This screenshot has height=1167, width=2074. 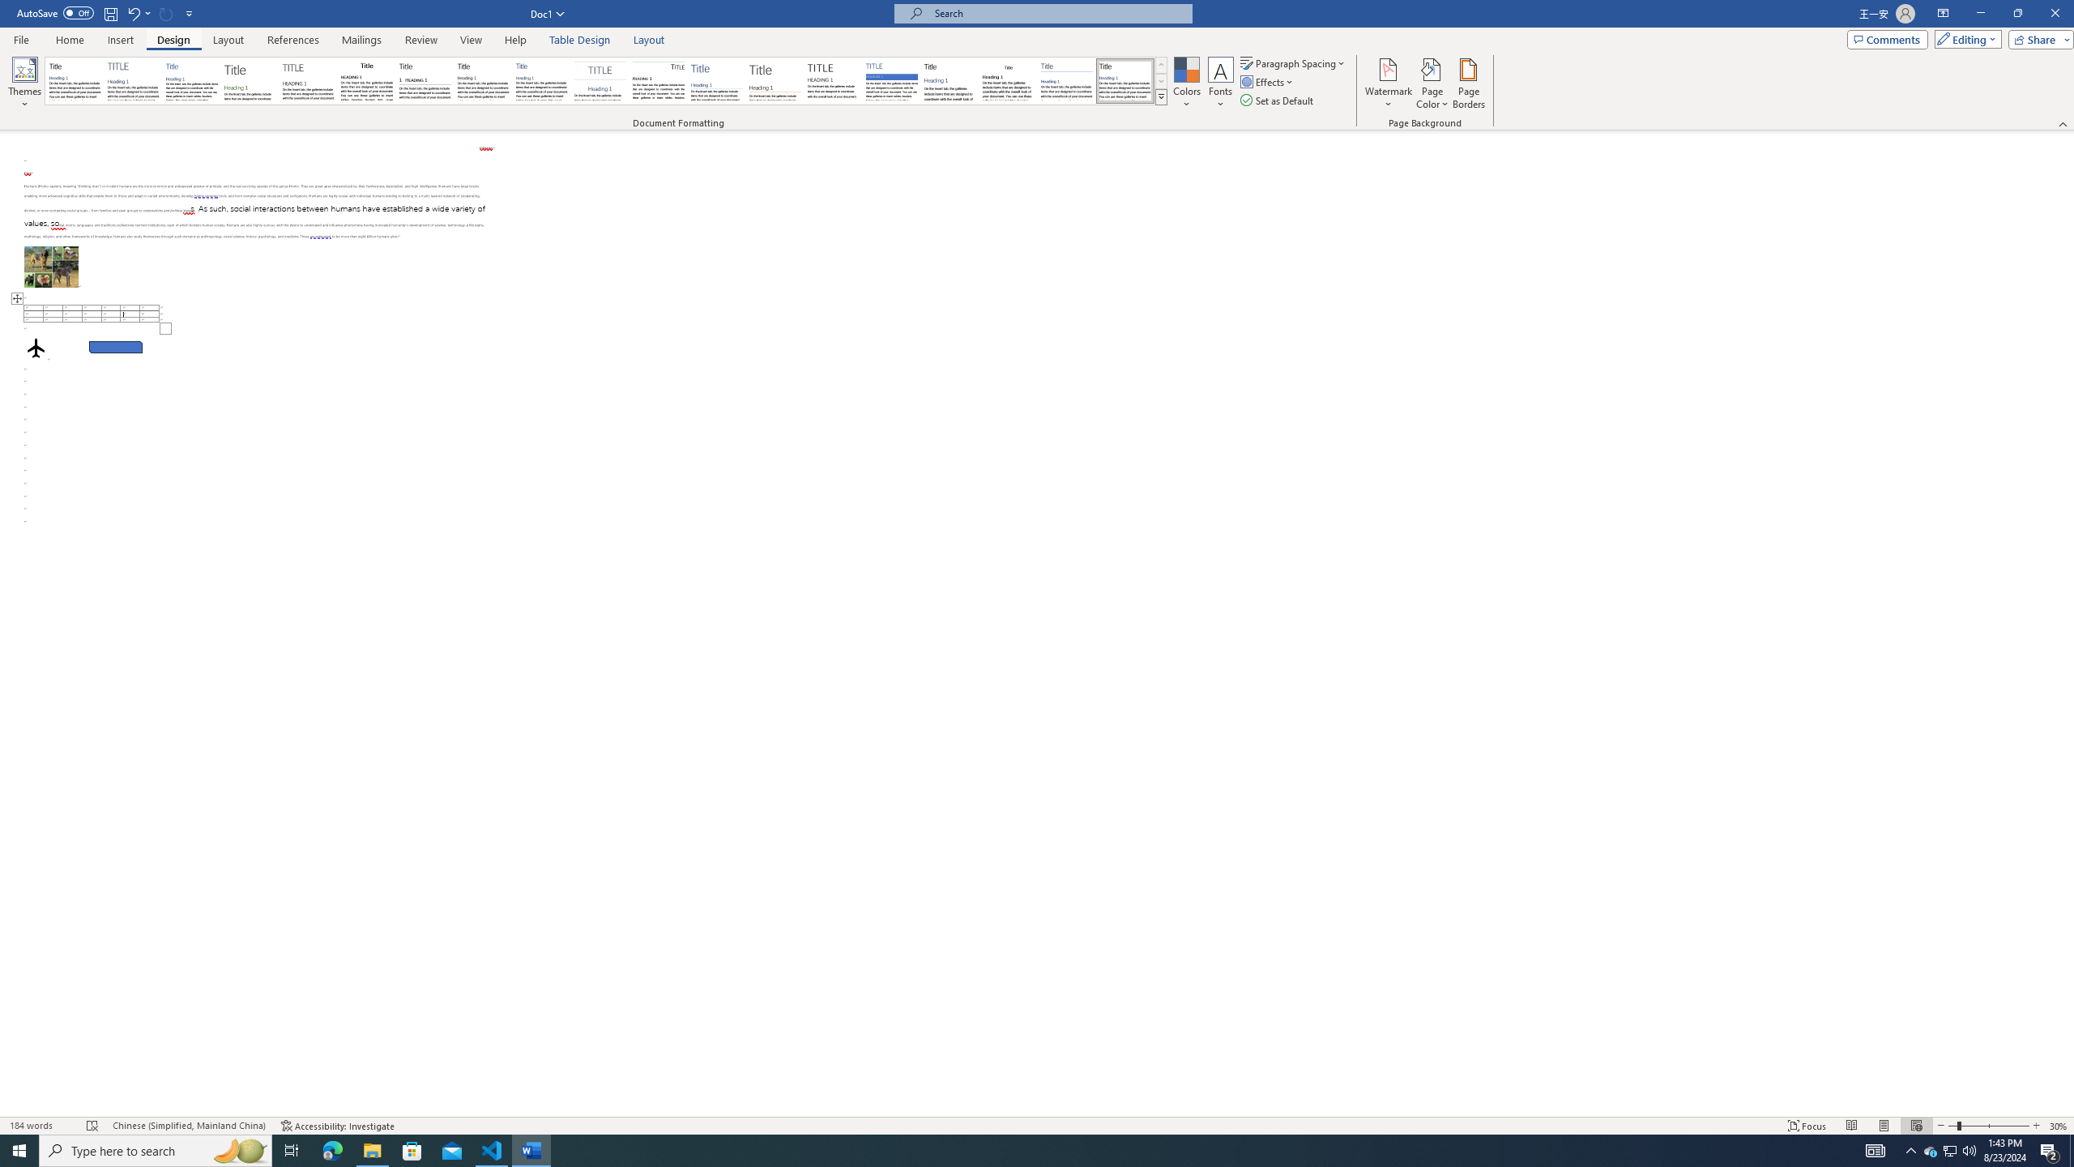 What do you see at coordinates (1126, 80) in the screenshot?
I see `'Word 2013'` at bounding box center [1126, 80].